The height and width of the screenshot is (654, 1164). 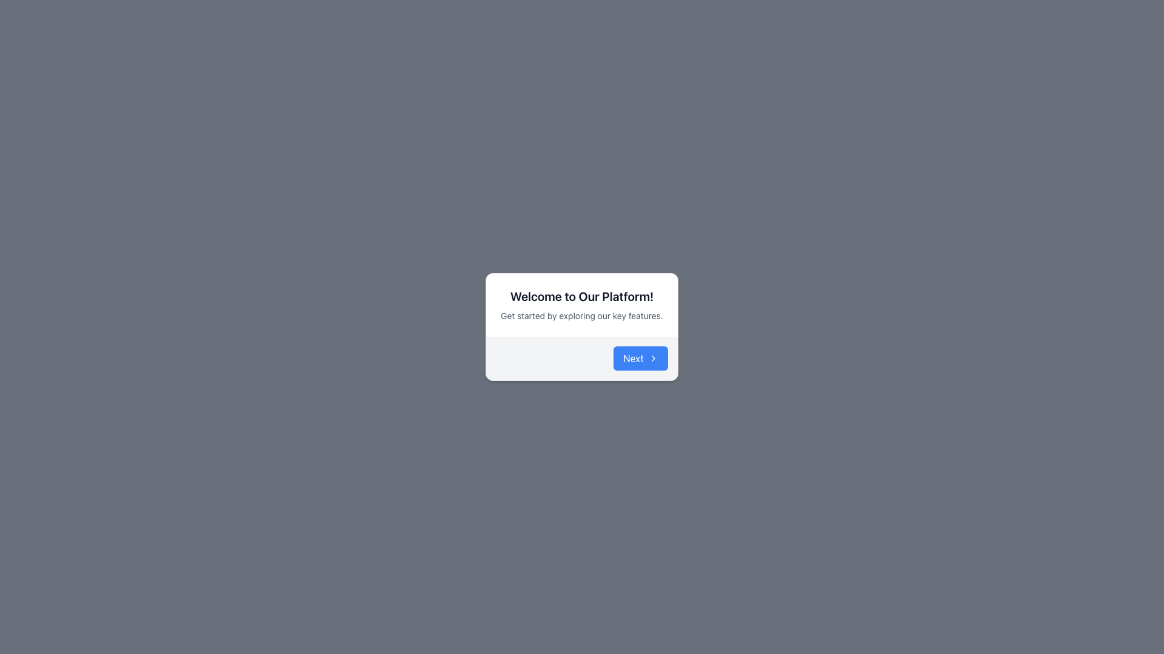 What do you see at coordinates (633, 357) in the screenshot?
I see `the 'Next' button, which is a white text on a blue background located in a centered modal dialog box` at bounding box center [633, 357].